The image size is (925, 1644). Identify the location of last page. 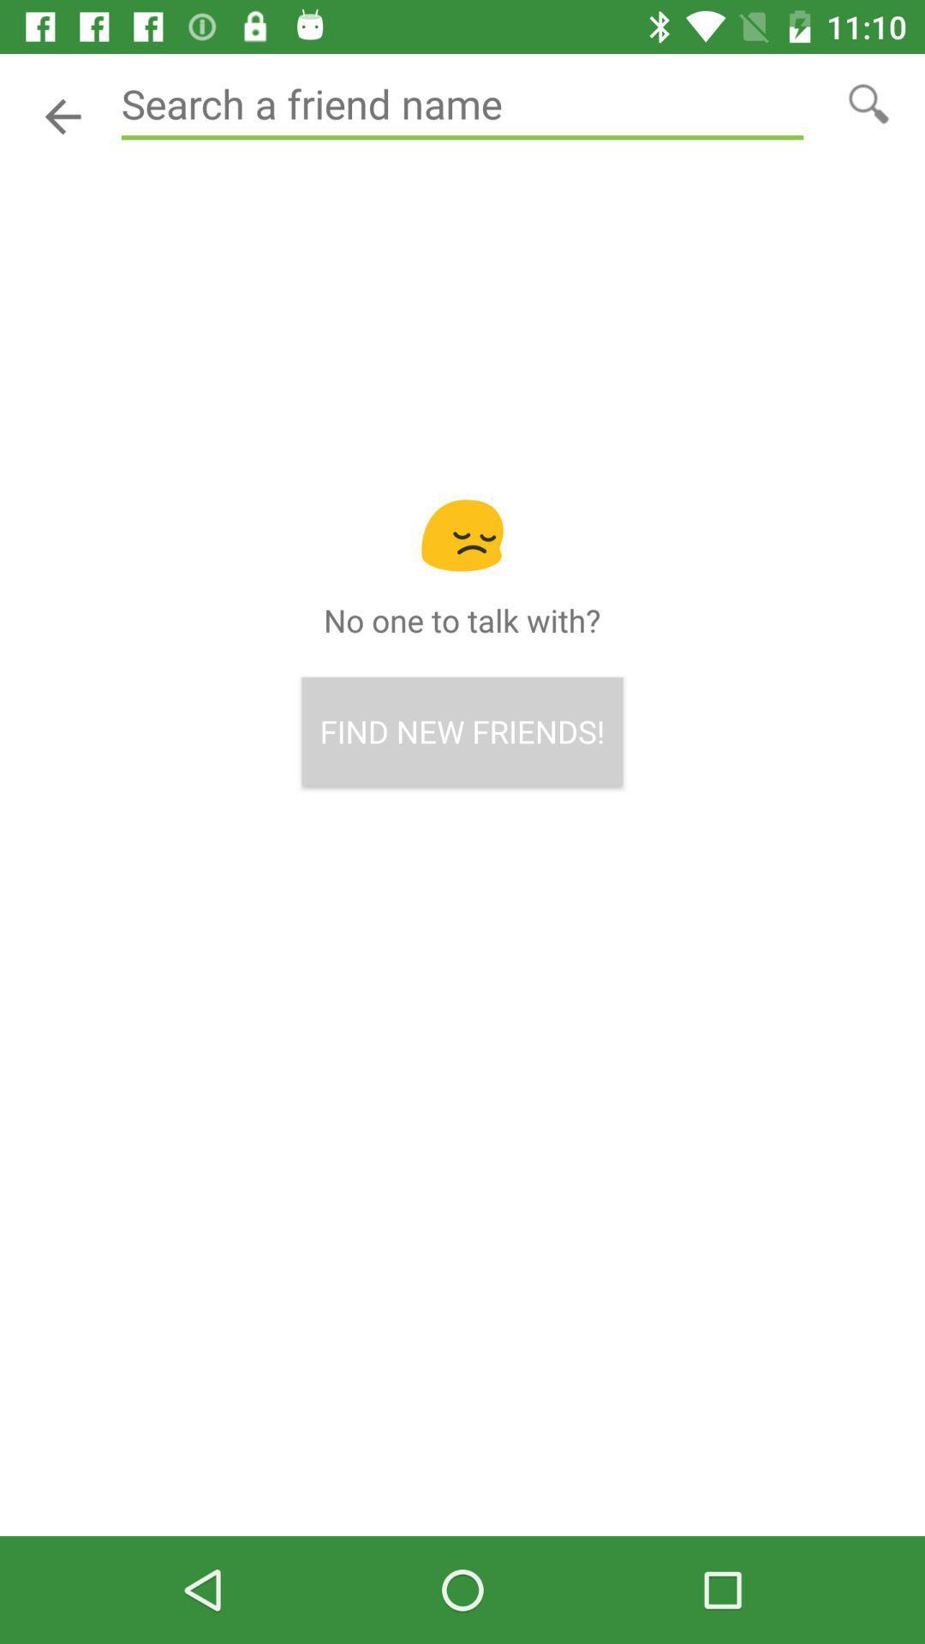
(62, 116).